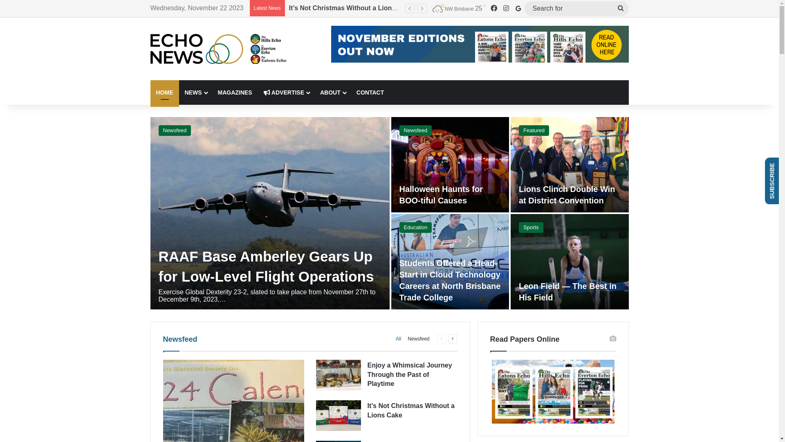  What do you see at coordinates (195, 92) in the screenshot?
I see `'NEWS'` at bounding box center [195, 92].